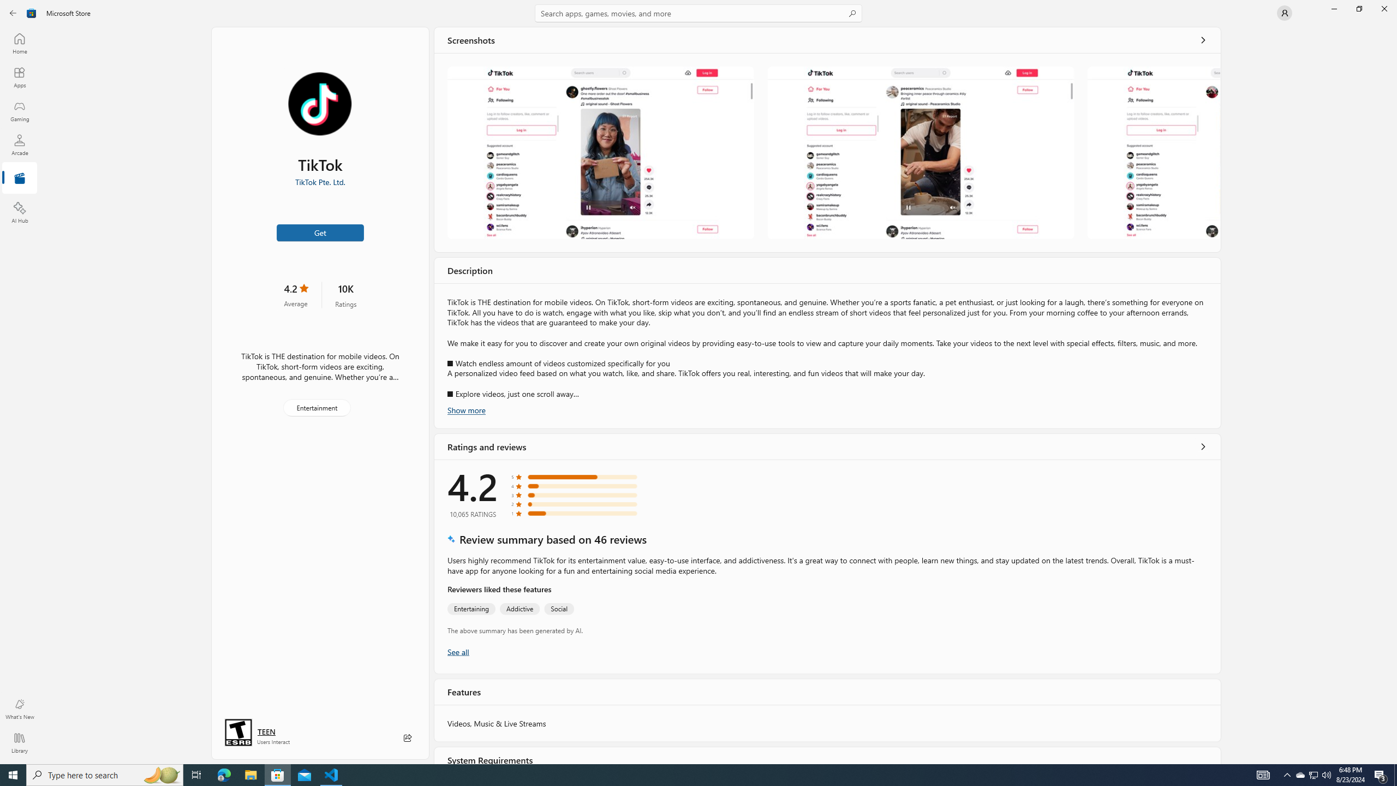  Describe the element at coordinates (19, 144) in the screenshot. I see `'Arcade'` at that location.